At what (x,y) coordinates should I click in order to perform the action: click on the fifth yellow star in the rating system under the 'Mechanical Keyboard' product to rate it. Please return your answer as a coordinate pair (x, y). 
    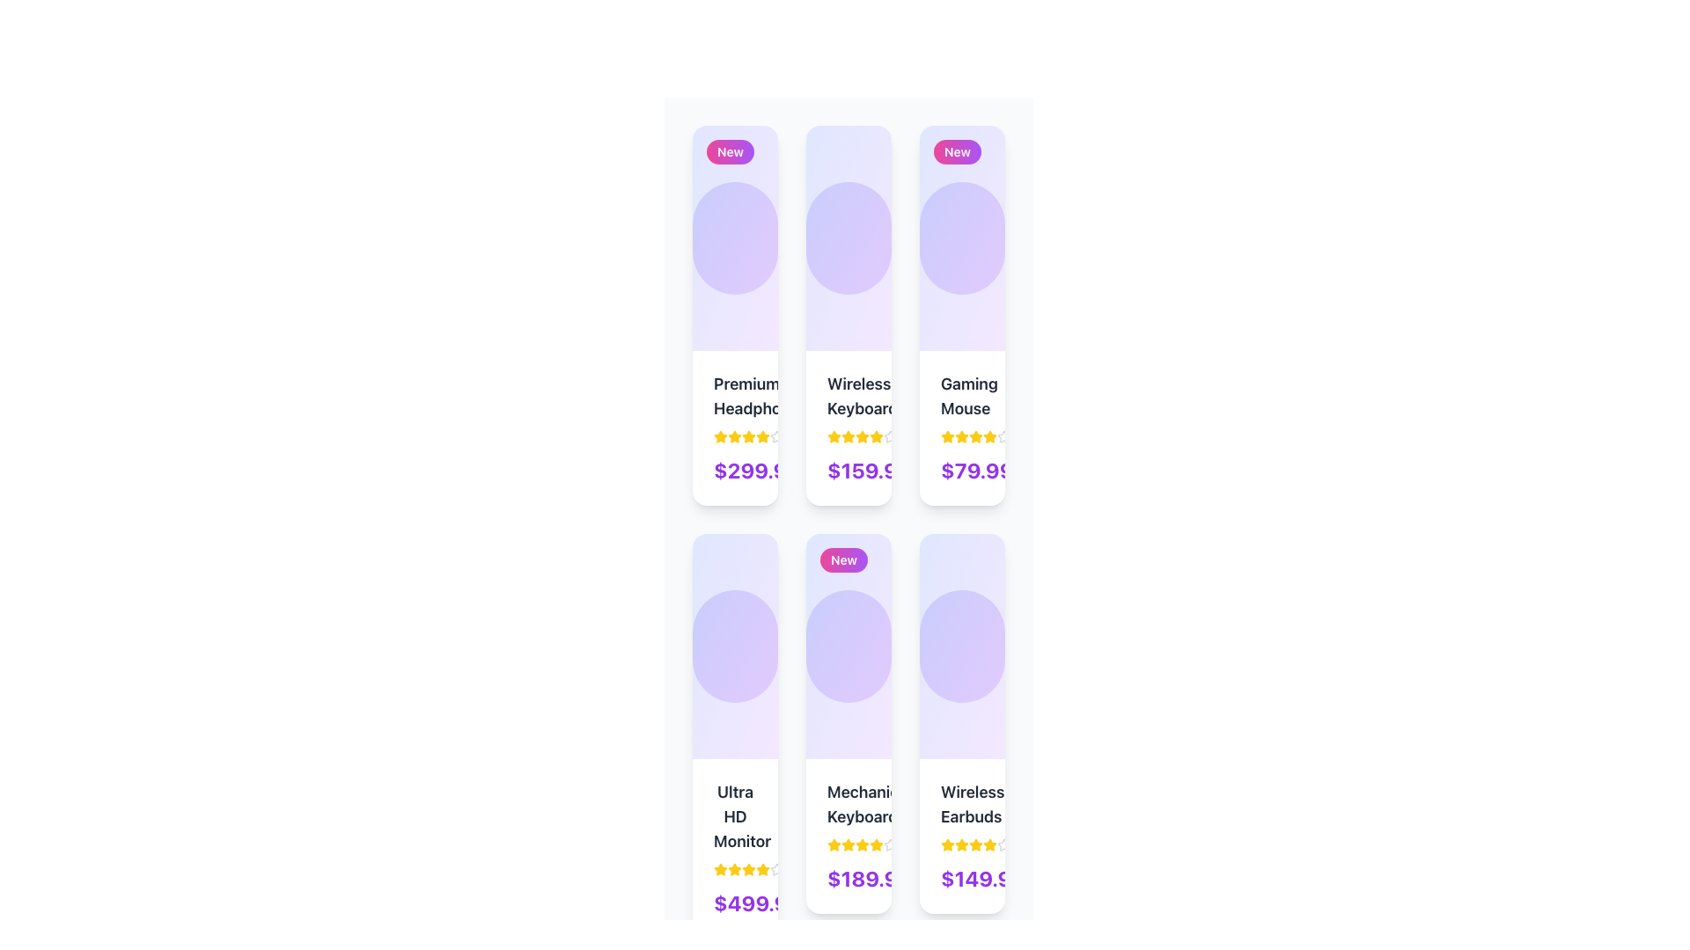
    Looking at the image, I should click on (877, 844).